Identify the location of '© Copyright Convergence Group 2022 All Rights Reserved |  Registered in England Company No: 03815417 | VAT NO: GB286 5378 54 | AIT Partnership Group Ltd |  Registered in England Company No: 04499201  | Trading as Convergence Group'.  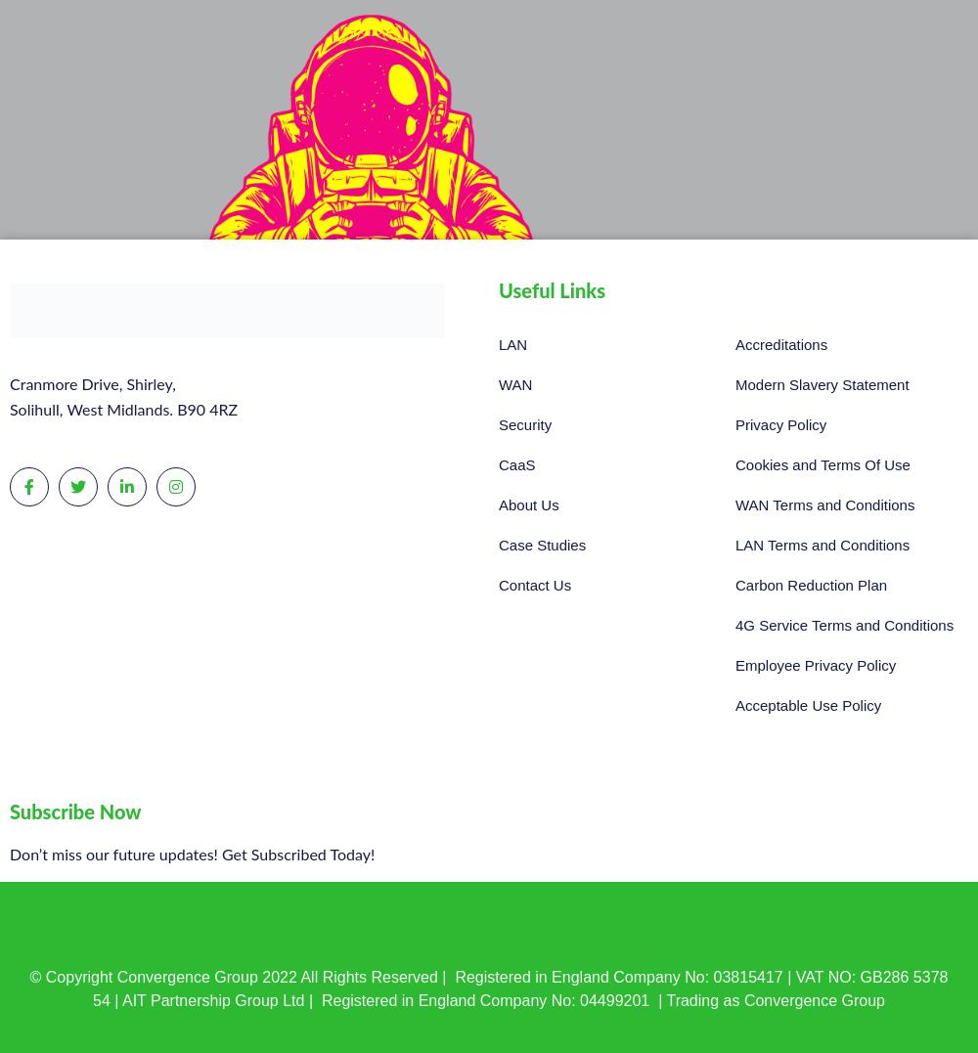
(487, 987).